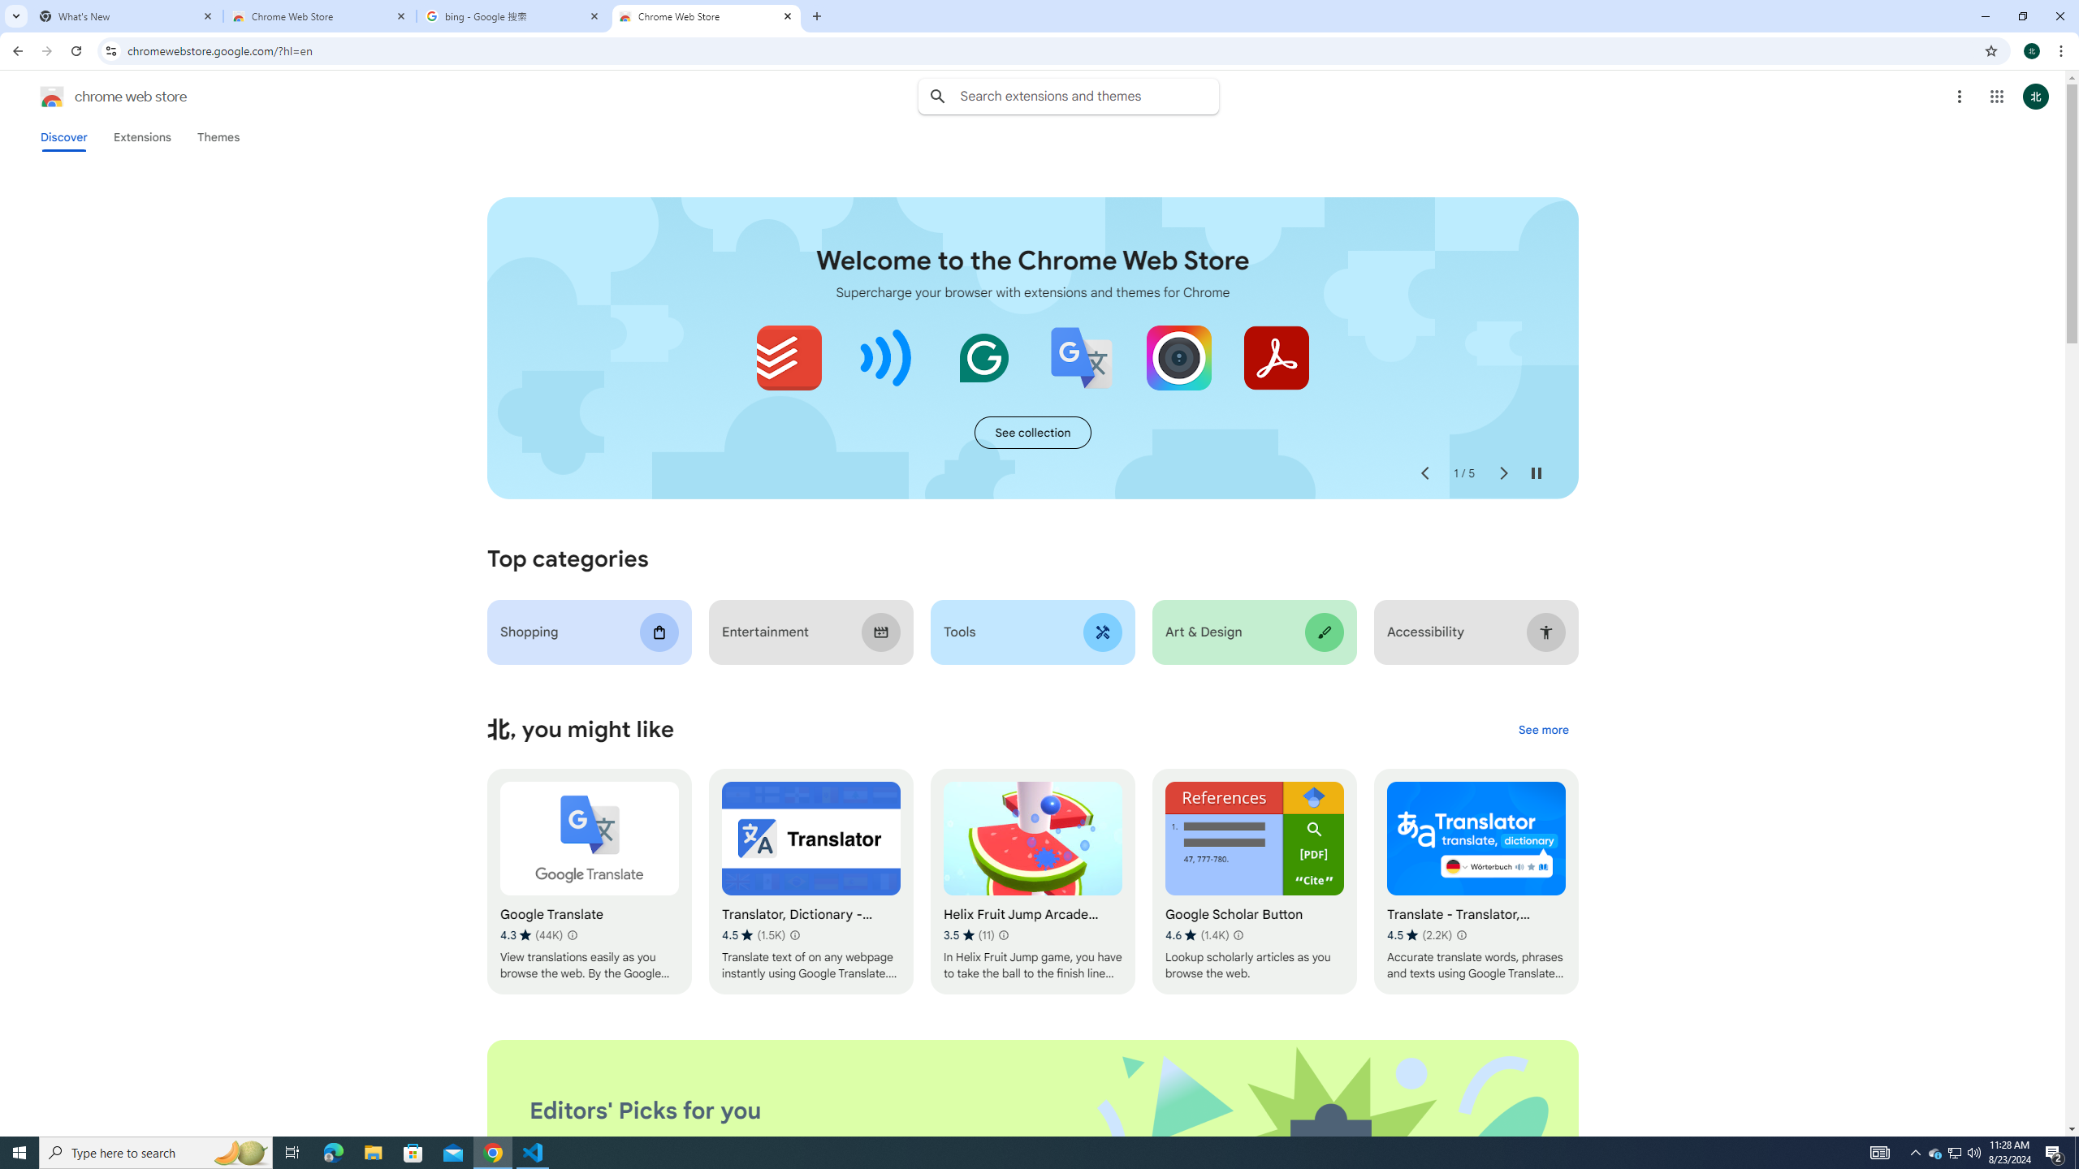 The width and height of the screenshot is (2079, 1169). I want to click on 'Average rating 4.3 out of 5 stars. 44K ratings.', so click(530, 935).